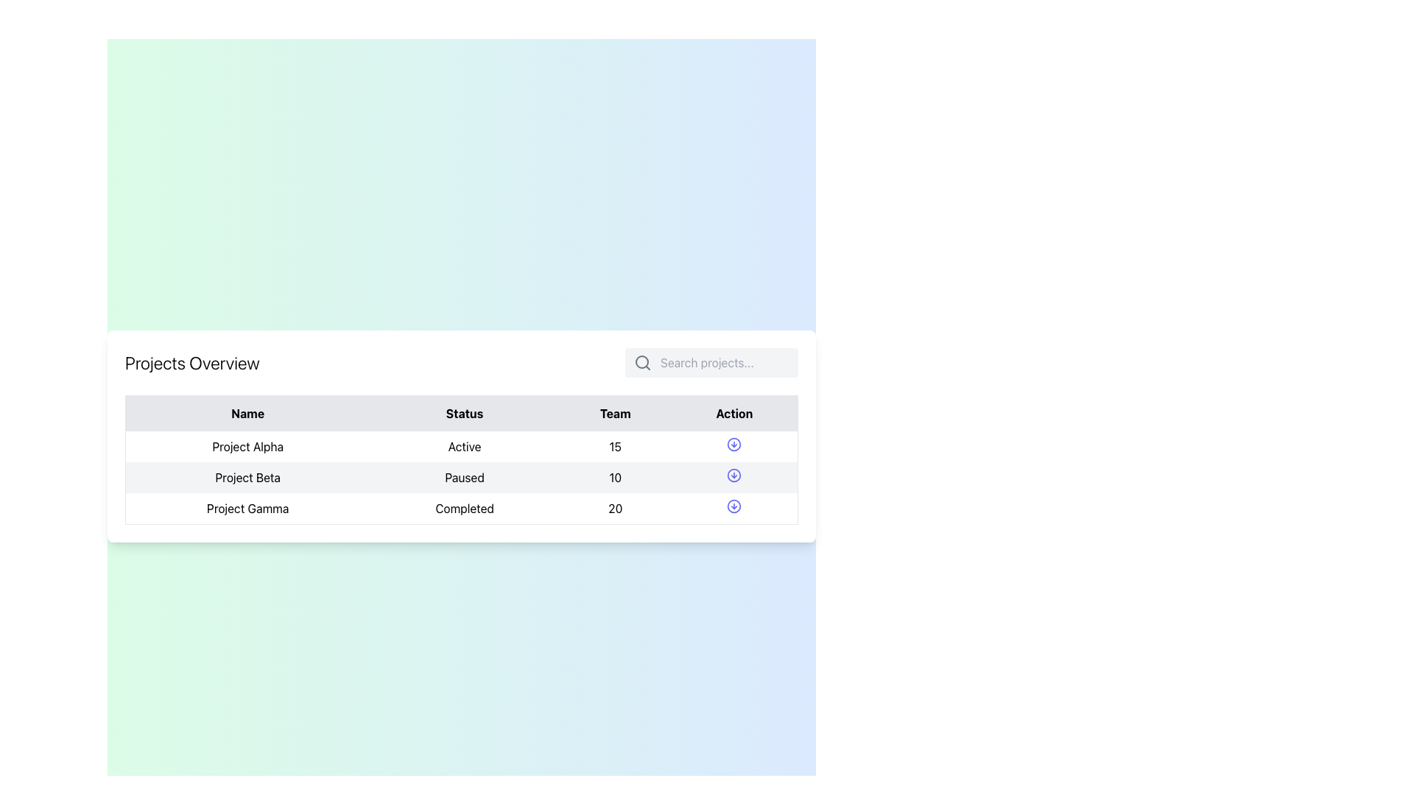 This screenshot has width=1414, height=795. I want to click on the numeric value representing the team size in the third row under the 'Team' column of the table, which is located immediately after 'Completed' and before the 'Action' column, so click(615, 508).